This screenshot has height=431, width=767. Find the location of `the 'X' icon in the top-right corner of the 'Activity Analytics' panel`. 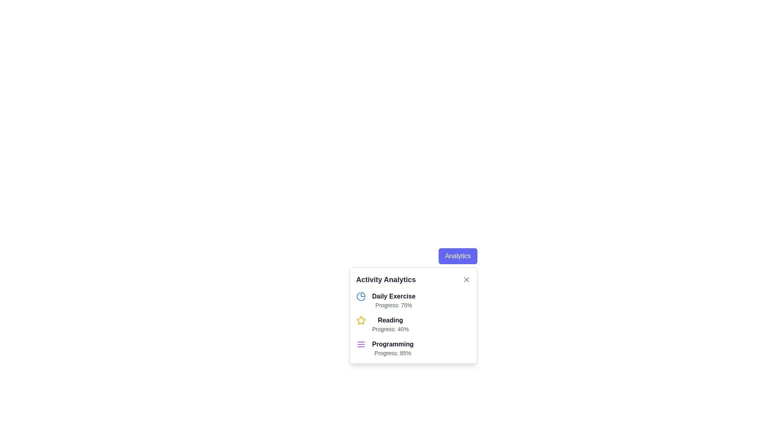

the 'X' icon in the top-right corner of the 'Activity Analytics' panel is located at coordinates (466, 279).